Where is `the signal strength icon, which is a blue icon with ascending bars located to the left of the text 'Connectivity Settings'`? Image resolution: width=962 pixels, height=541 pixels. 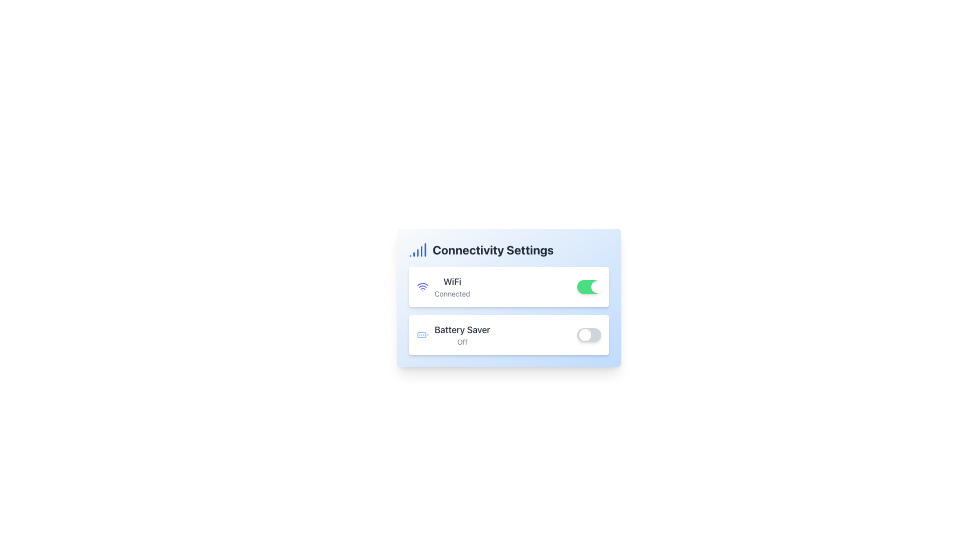
the signal strength icon, which is a blue icon with ascending bars located to the left of the text 'Connectivity Settings' is located at coordinates (417, 249).